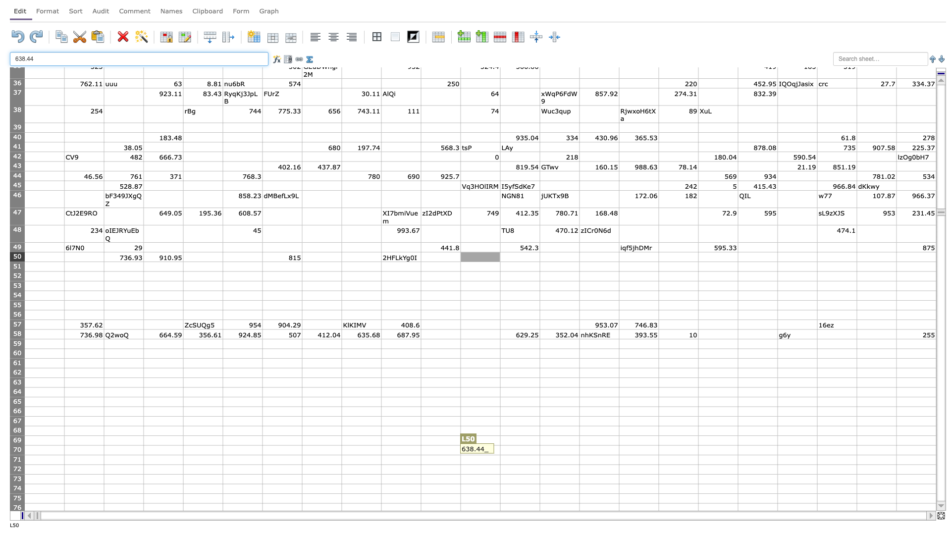 Image resolution: width=951 pixels, height=535 pixels. What do you see at coordinates (580, 455) in the screenshot?
I see `Fill point of cell N70` at bounding box center [580, 455].